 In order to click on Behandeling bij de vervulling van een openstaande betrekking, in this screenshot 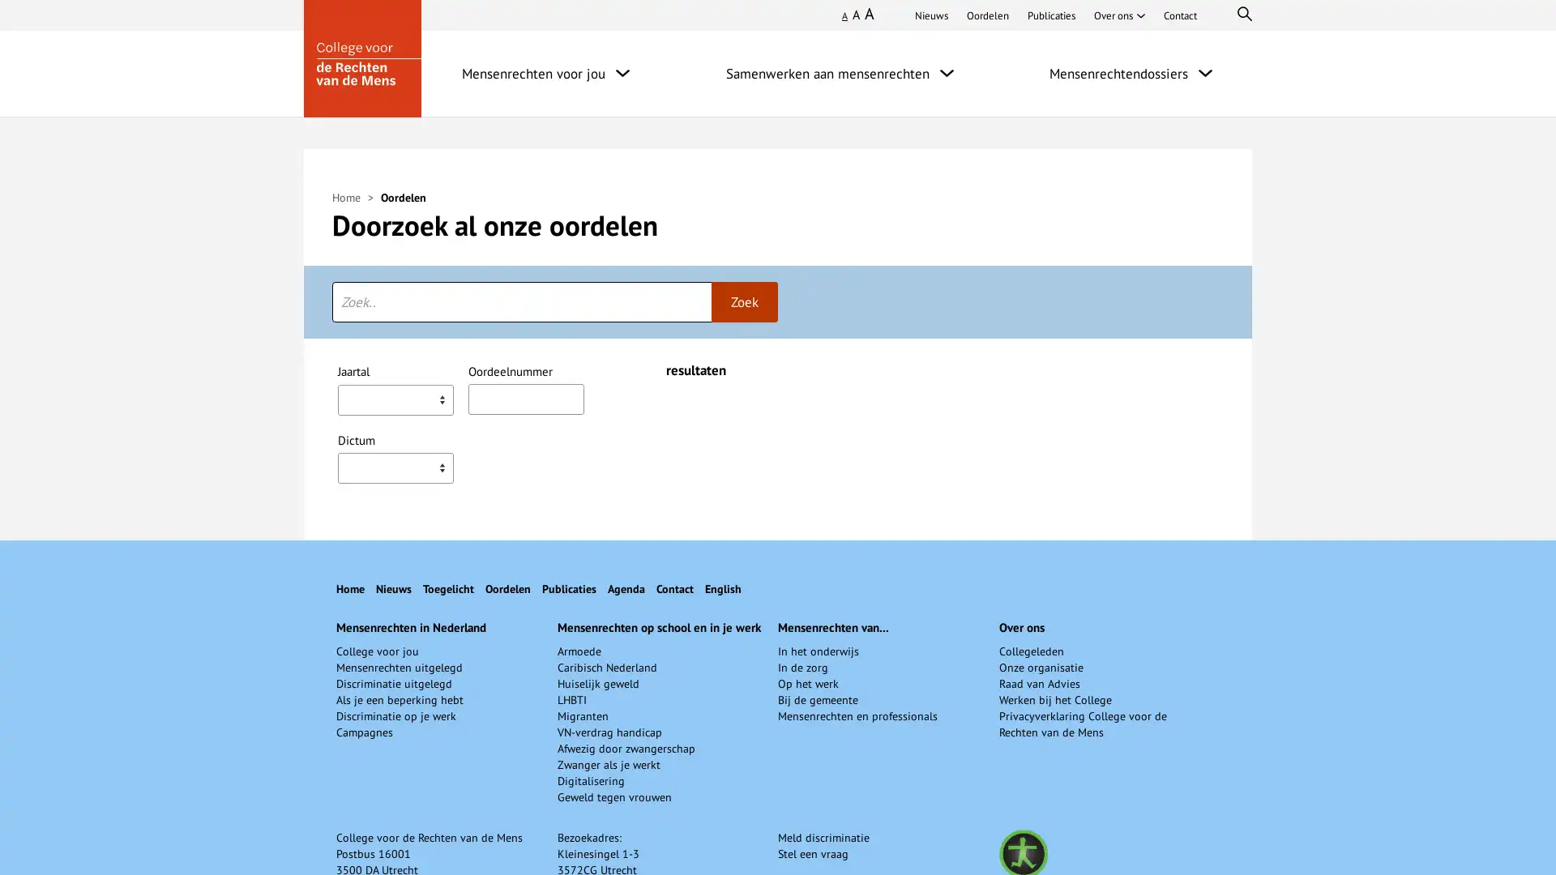, I will do `click(1034, 813)`.